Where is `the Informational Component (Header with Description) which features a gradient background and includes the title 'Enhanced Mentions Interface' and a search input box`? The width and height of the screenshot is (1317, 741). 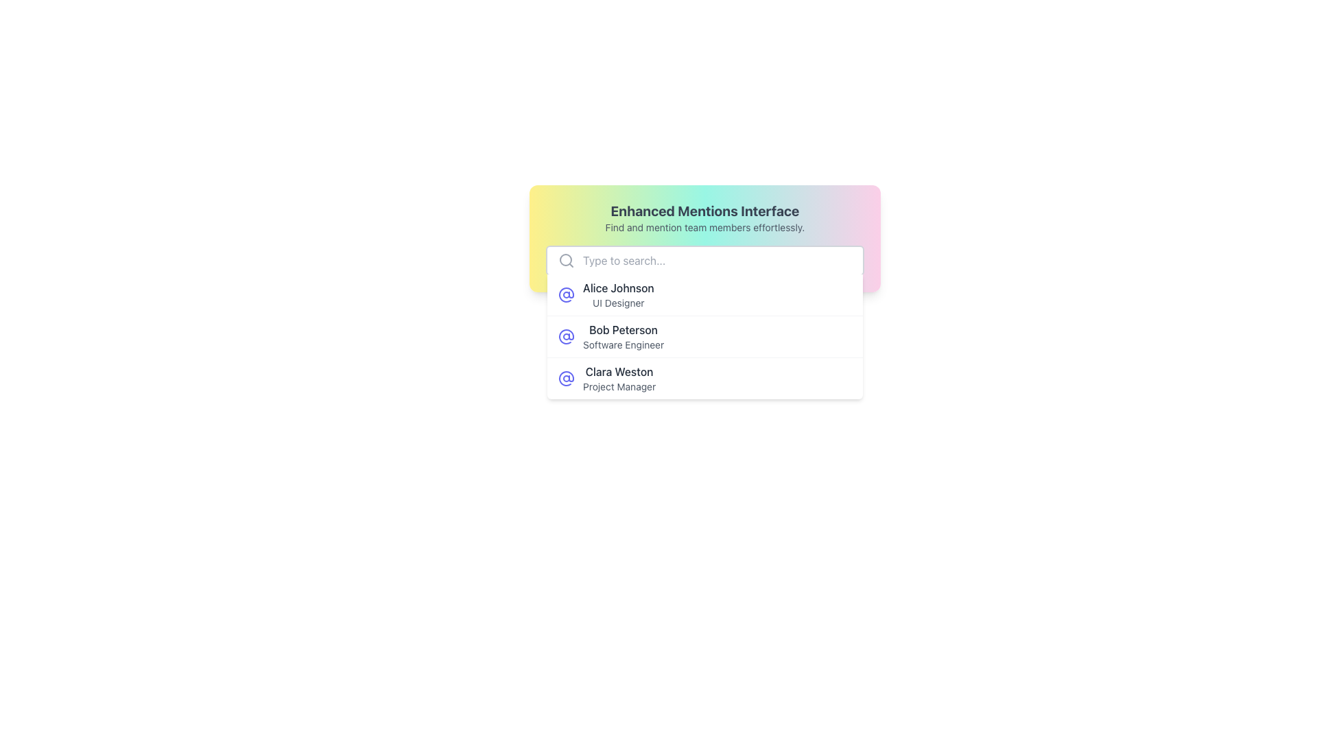
the Informational Component (Header with Description) which features a gradient background and includes the title 'Enhanced Mentions Interface' and a search input box is located at coordinates (704, 237).